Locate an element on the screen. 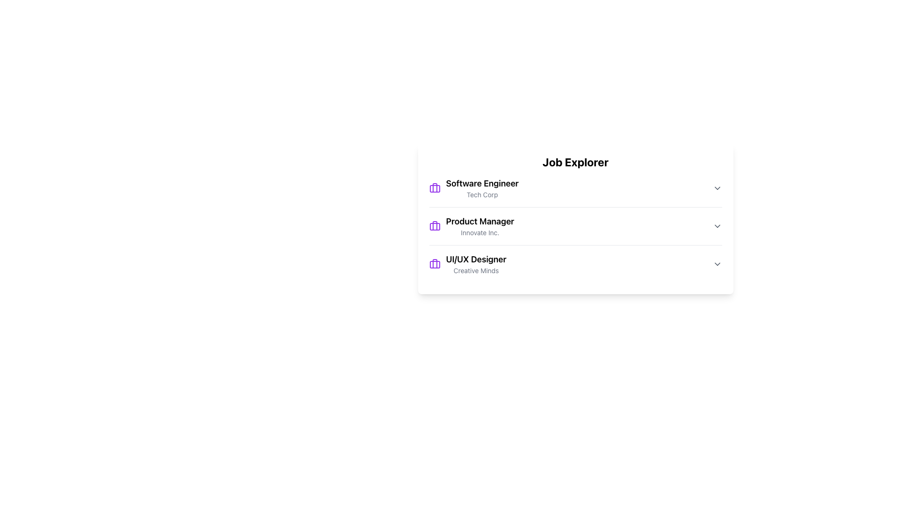  the interactive downward-pointing chevron icon located is located at coordinates (717, 226).